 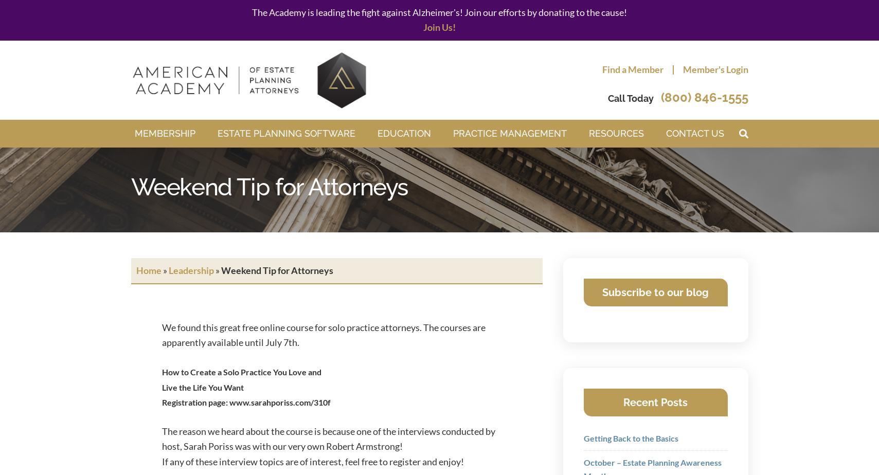 I want to click on 'Home', so click(x=148, y=270).